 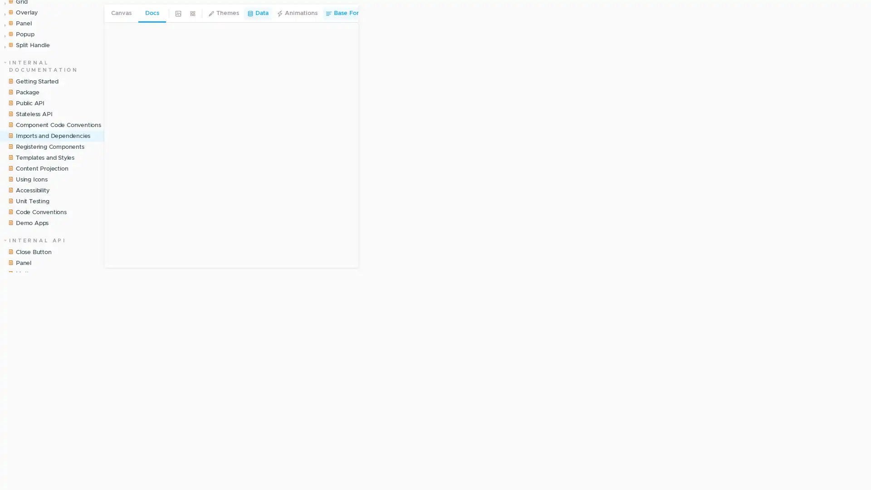 What do you see at coordinates (192, 14) in the screenshot?
I see `Apply a grid to the preview` at bounding box center [192, 14].